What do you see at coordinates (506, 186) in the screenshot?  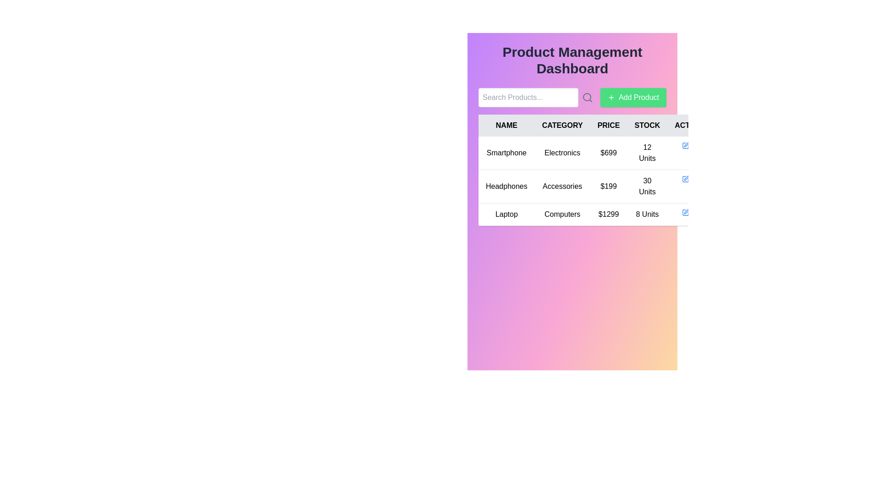 I see `the 'Headphones' text label in the product details table, located in the second row under the 'Name' column` at bounding box center [506, 186].